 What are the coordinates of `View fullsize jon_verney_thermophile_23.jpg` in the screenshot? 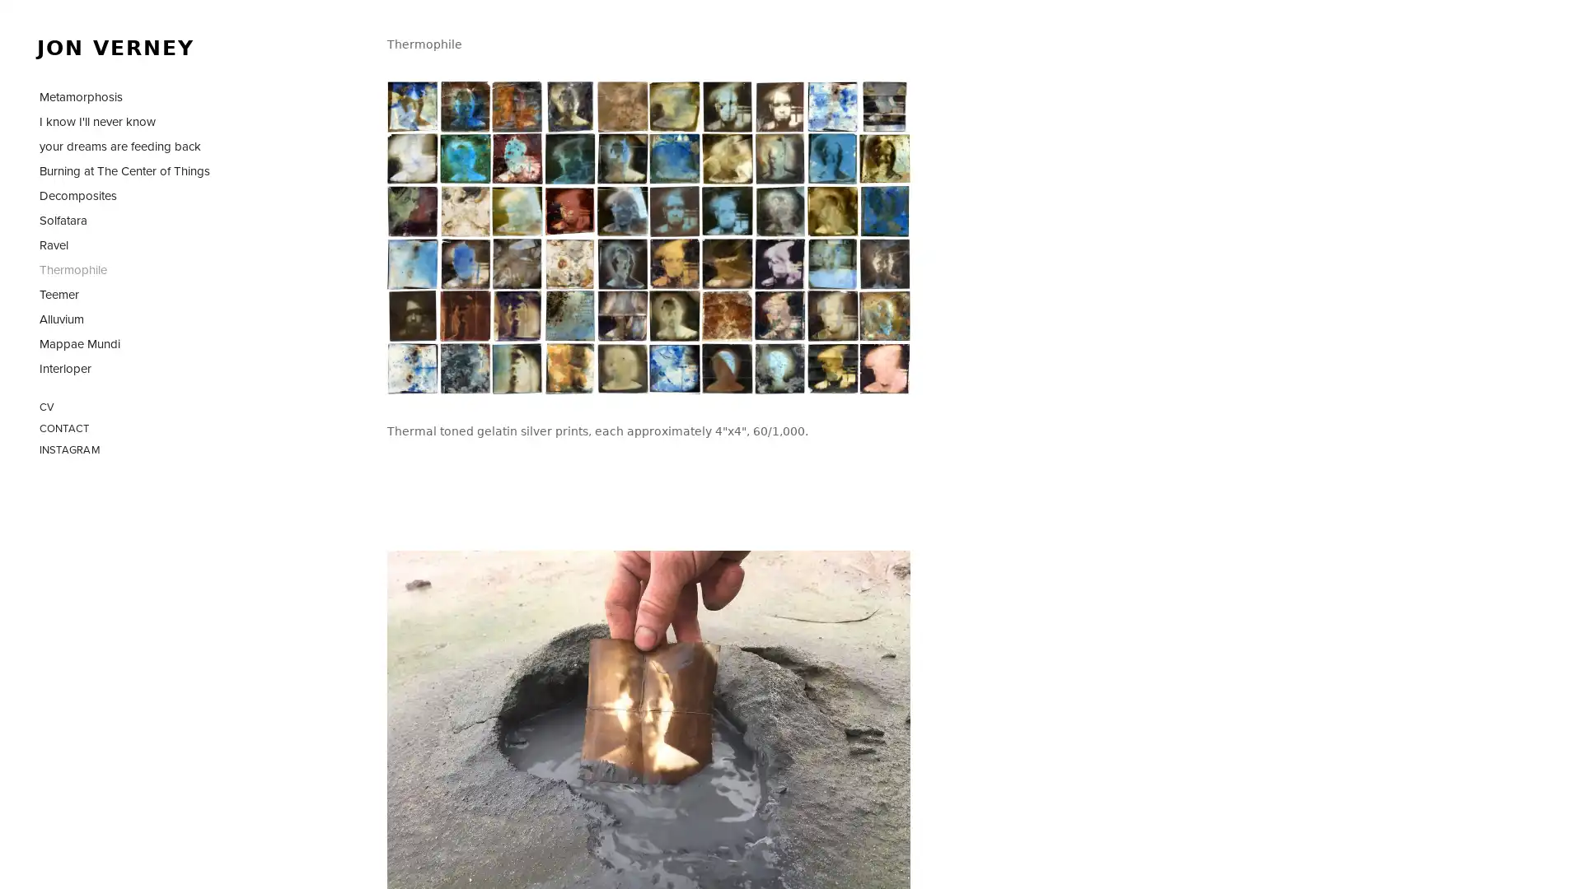 It's located at (463, 263).